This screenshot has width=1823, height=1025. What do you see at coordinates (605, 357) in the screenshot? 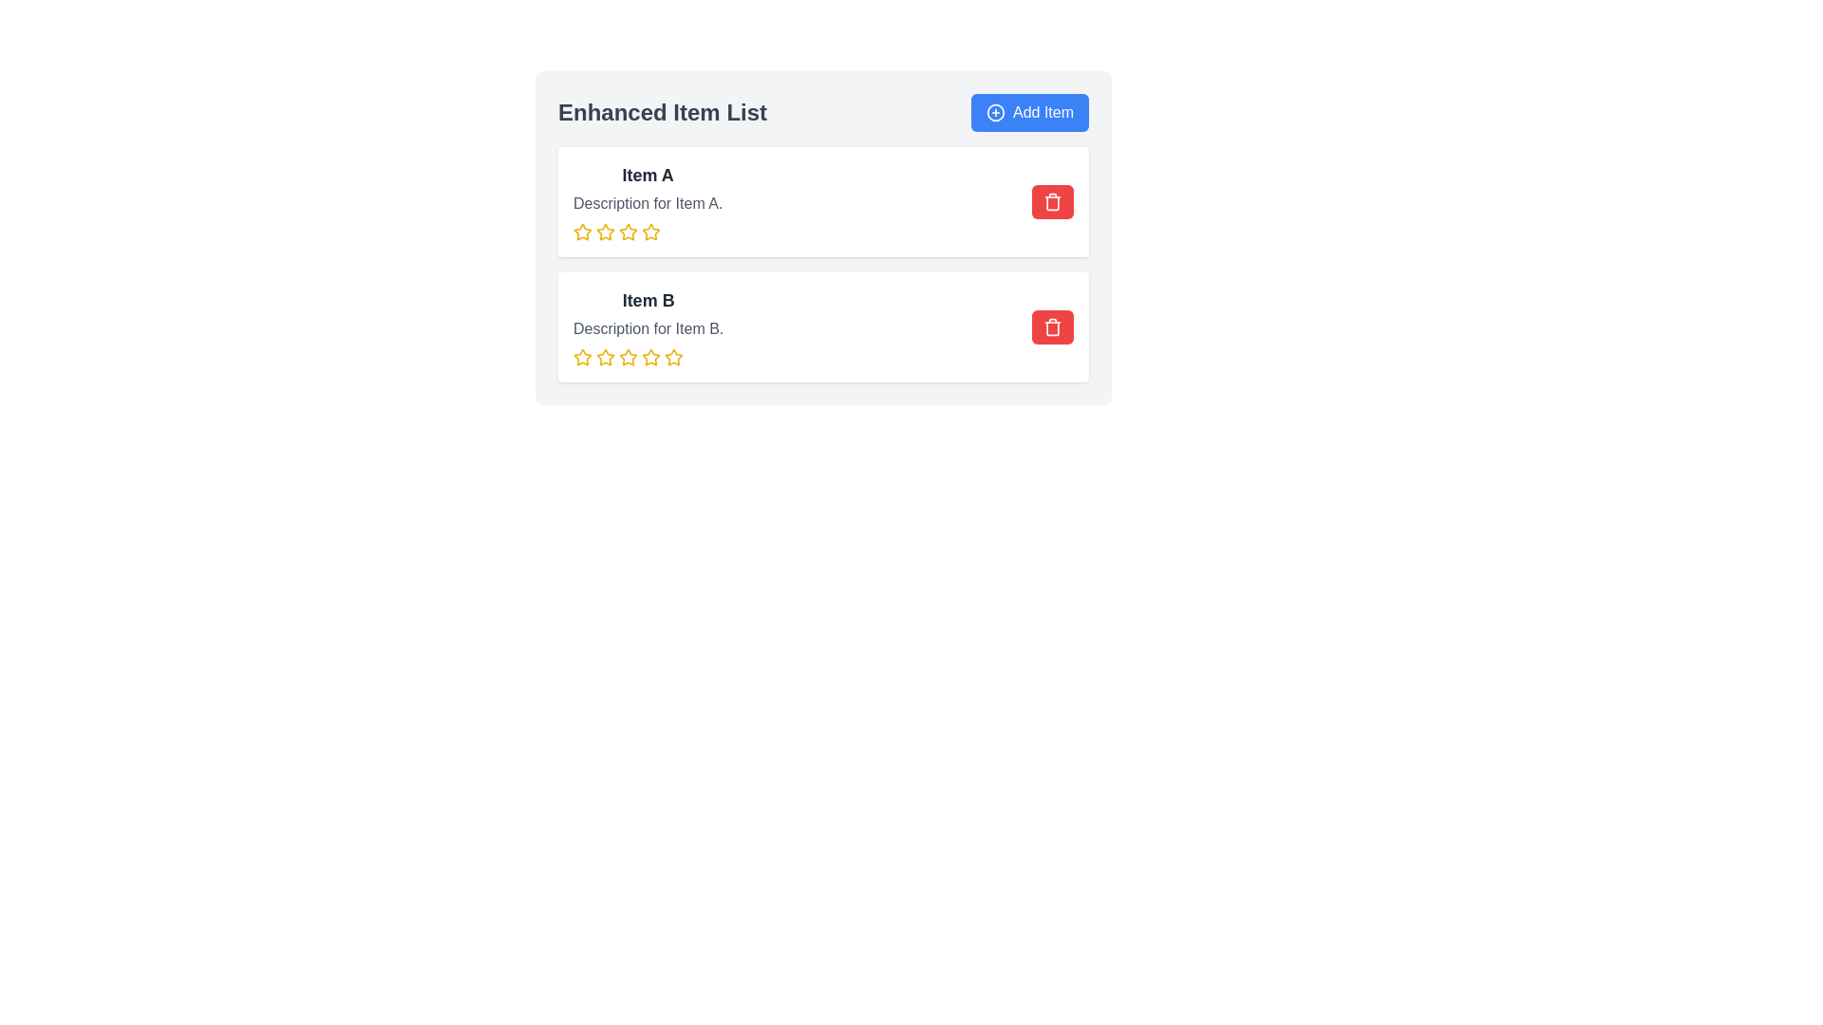
I see `the first star in the rating system of the second item in the 'Enhanced Item List' to rate it` at bounding box center [605, 357].